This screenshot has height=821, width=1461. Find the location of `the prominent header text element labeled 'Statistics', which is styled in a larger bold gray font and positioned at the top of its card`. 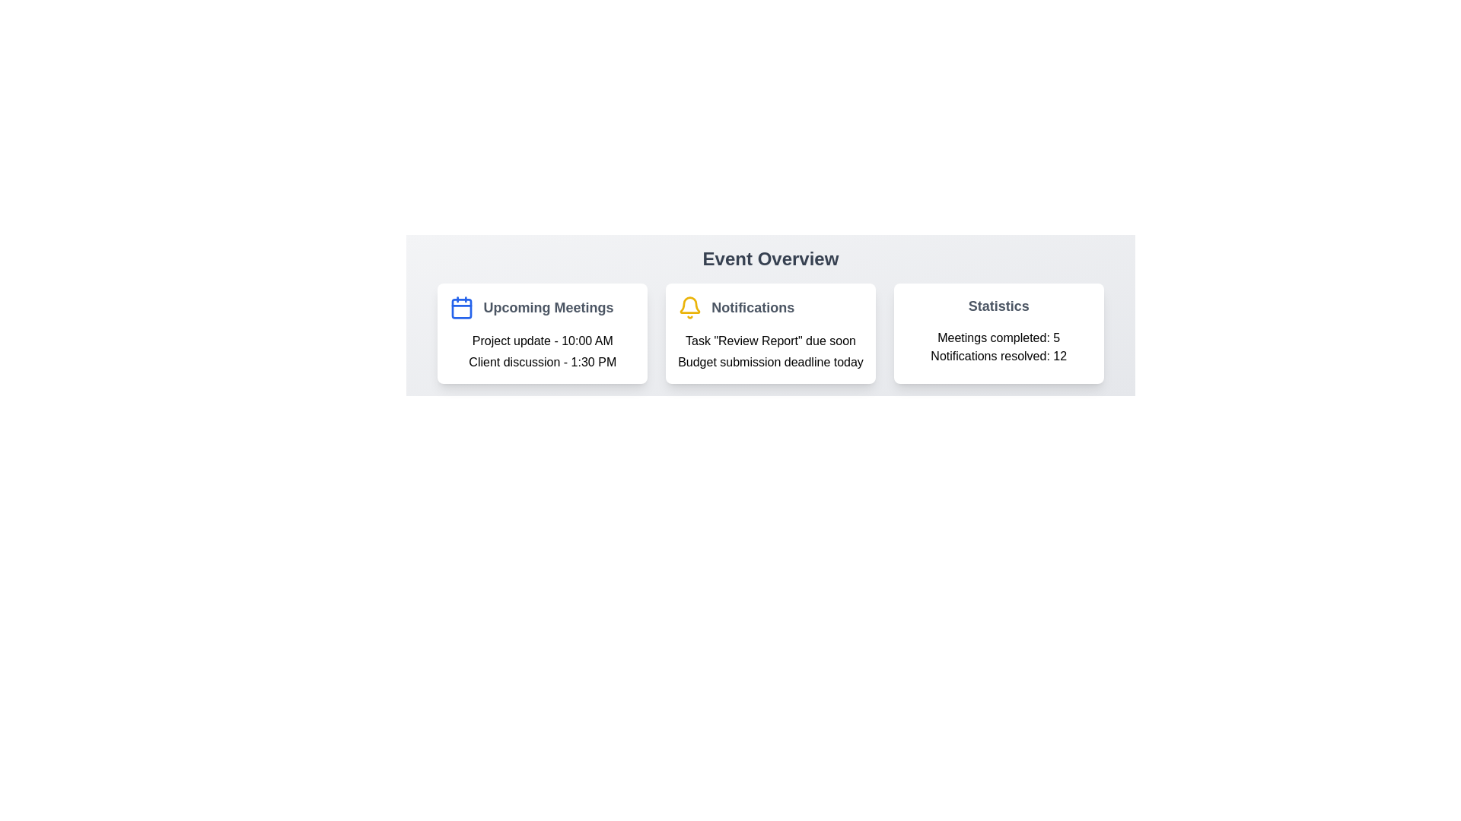

the prominent header text element labeled 'Statistics', which is styled in a larger bold gray font and positioned at the top of its card is located at coordinates (998, 306).